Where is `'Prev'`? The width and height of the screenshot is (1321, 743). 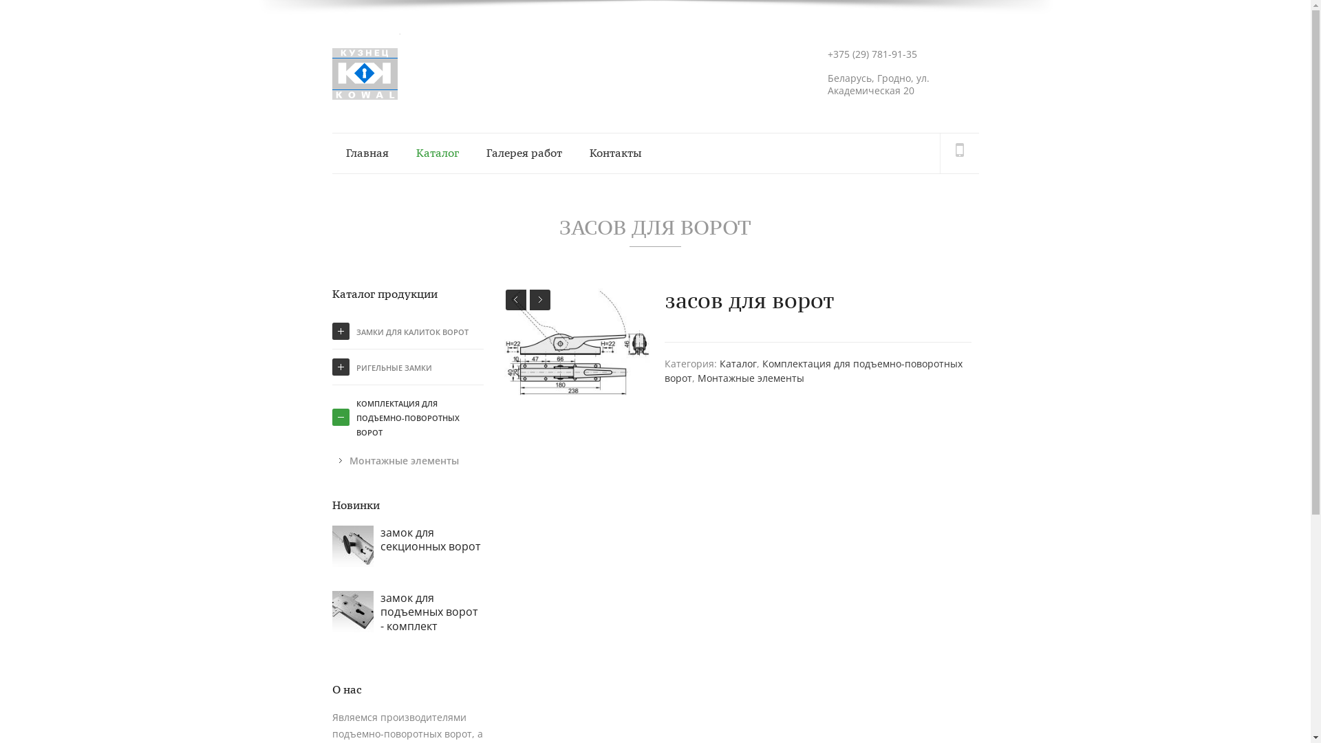 'Prev' is located at coordinates (515, 299).